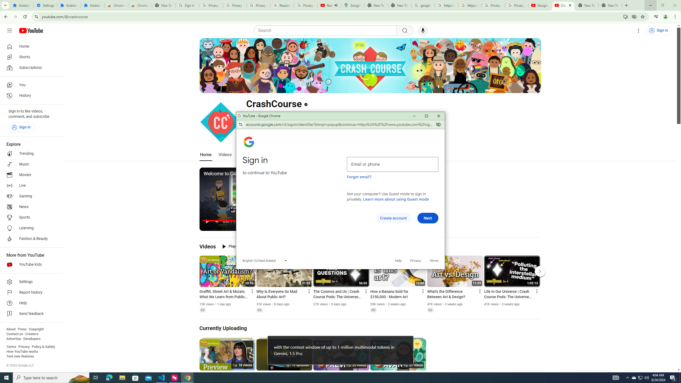 The image size is (681, 383). What do you see at coordinates (140, 5) in the screenshot?
I see `'Chrome Web Store - Themes'` at bounding box center [140, 5].